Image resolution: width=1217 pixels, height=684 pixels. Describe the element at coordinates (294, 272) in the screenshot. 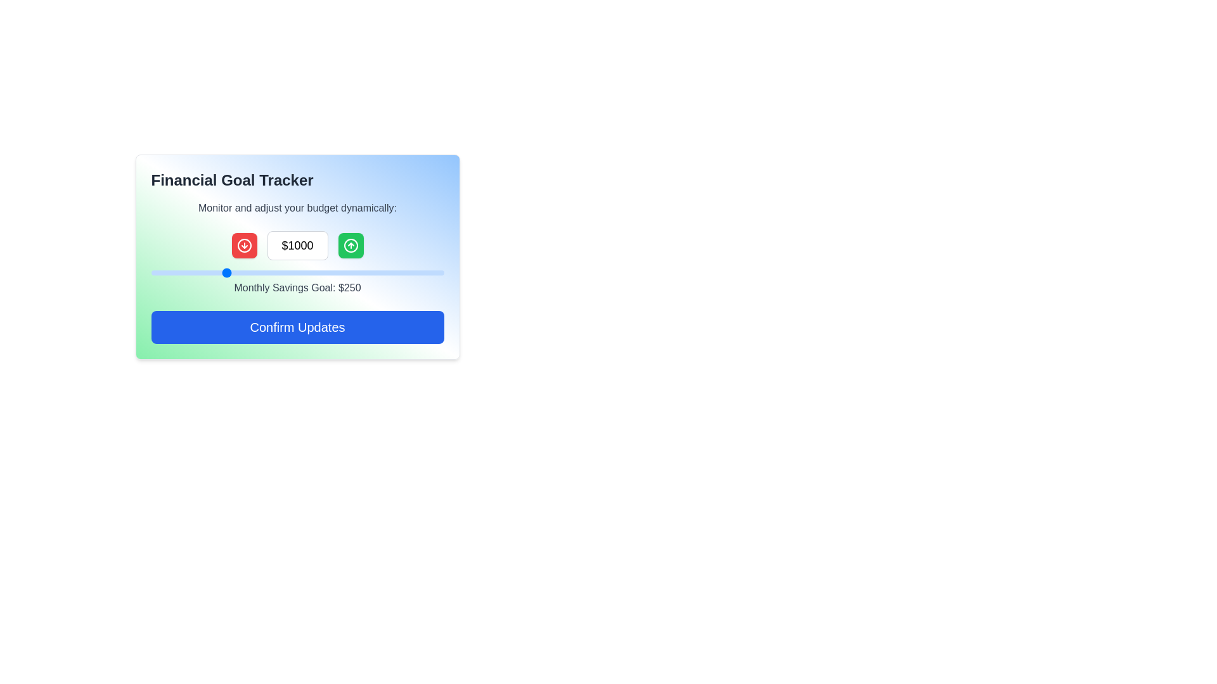

I see `the monthly savings goal` at that location.